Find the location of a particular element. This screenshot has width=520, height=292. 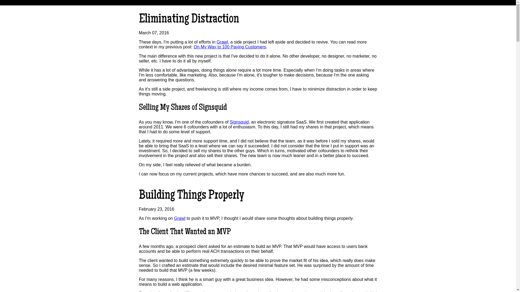

'Eliminating Distraction' is located at coordinates (139, 19).